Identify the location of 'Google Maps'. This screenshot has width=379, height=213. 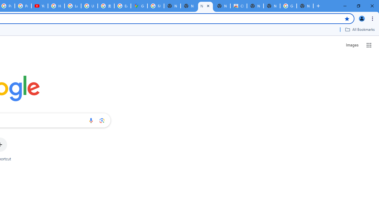
(139, 6).